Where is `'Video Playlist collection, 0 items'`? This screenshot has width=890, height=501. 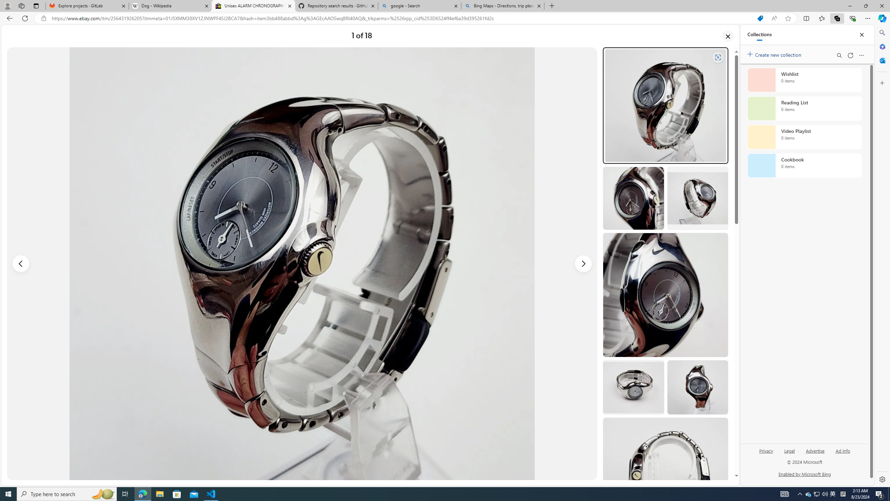
'Video Playlist collection, 0 items' is located at coordinates (804, 136).